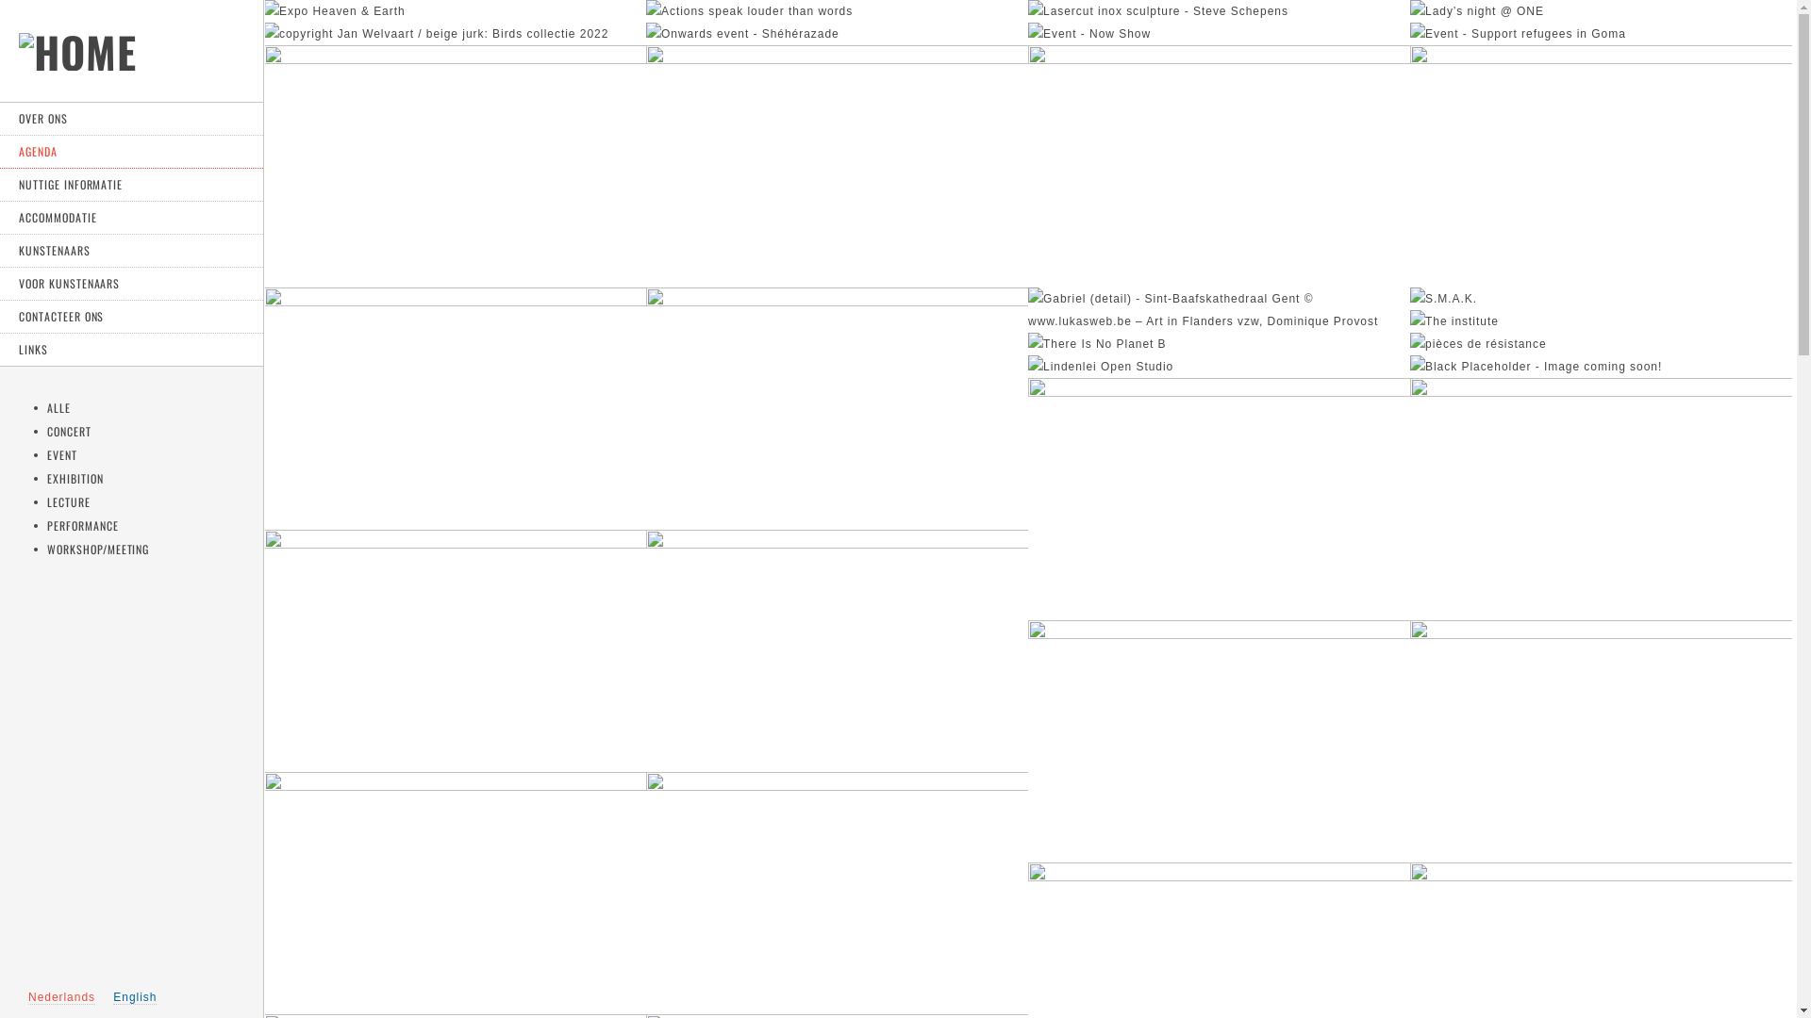 The height and width of the screenshot is (1018, 1811). What do you see at coordinates (97, 549) in the screenshot?
I see `'WORKSHOP/MEETING'` at bounding box center [97, 549].